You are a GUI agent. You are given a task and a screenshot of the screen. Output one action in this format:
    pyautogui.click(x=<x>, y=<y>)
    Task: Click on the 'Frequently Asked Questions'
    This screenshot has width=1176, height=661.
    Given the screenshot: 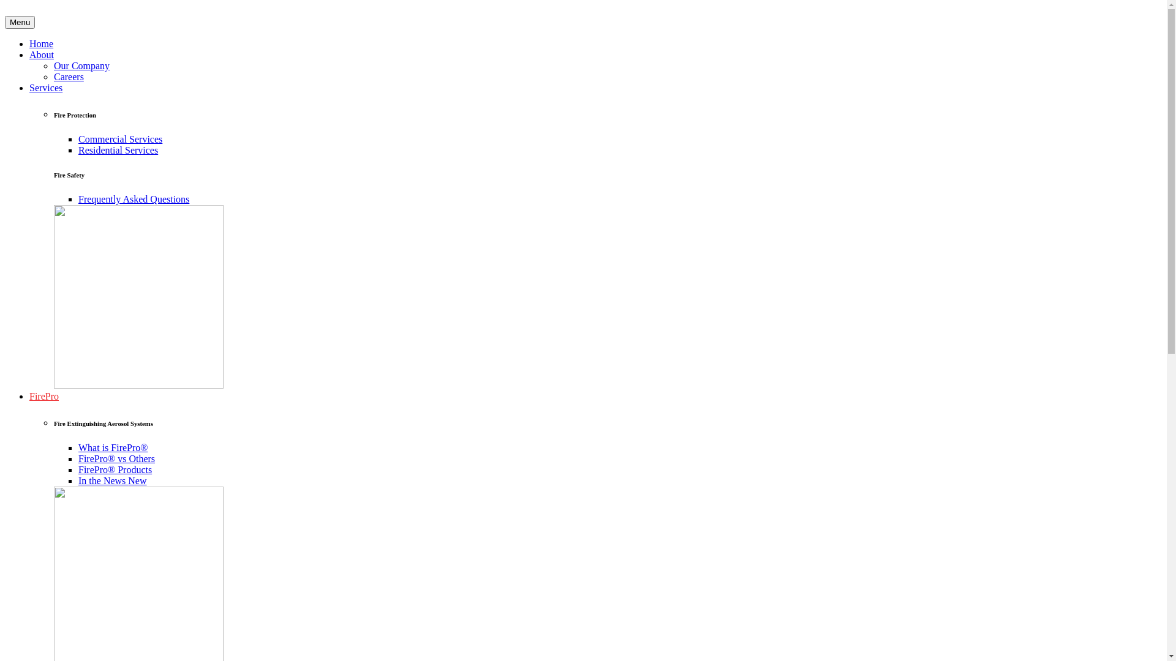 What is the action you would take?
    pyautogui.click(x=78, y=198)
    